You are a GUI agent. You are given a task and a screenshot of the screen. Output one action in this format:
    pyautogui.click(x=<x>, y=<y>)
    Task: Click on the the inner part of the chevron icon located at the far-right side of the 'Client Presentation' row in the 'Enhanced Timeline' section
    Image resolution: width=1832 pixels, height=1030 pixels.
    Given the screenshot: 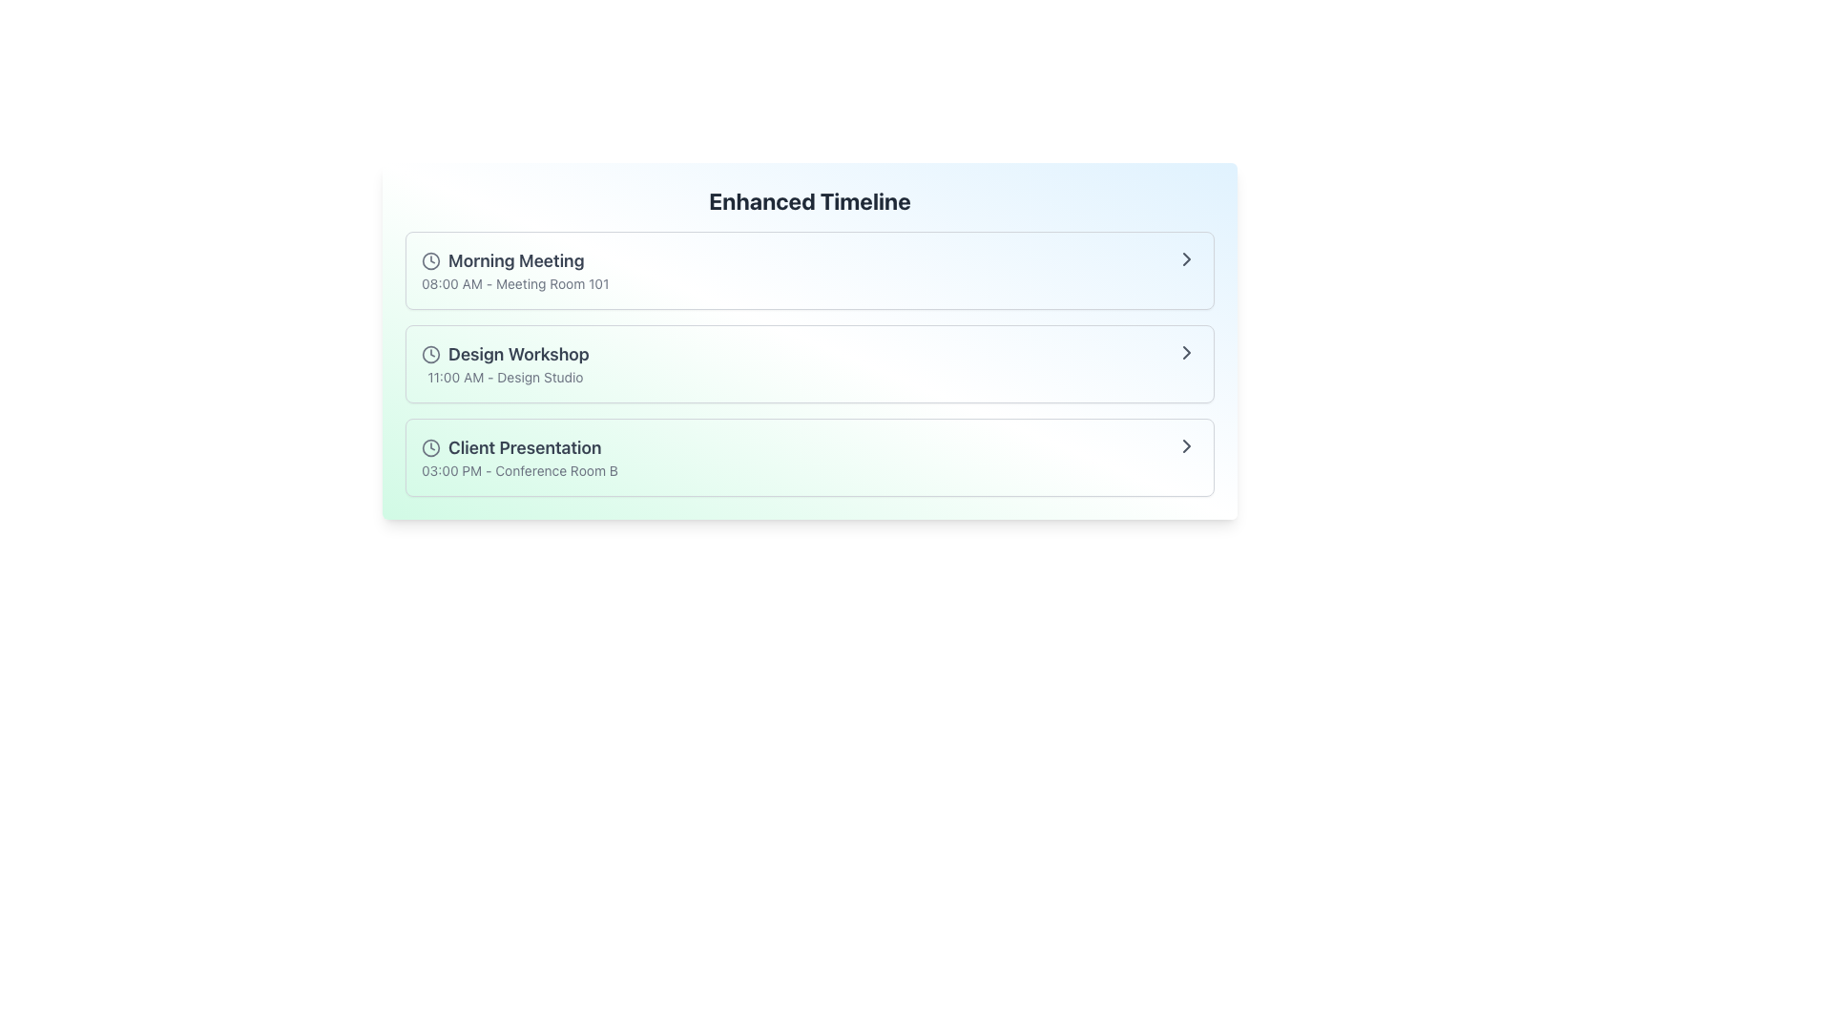 What is the action you would take?
    pyautogui.click(x=1185, y=445)
    